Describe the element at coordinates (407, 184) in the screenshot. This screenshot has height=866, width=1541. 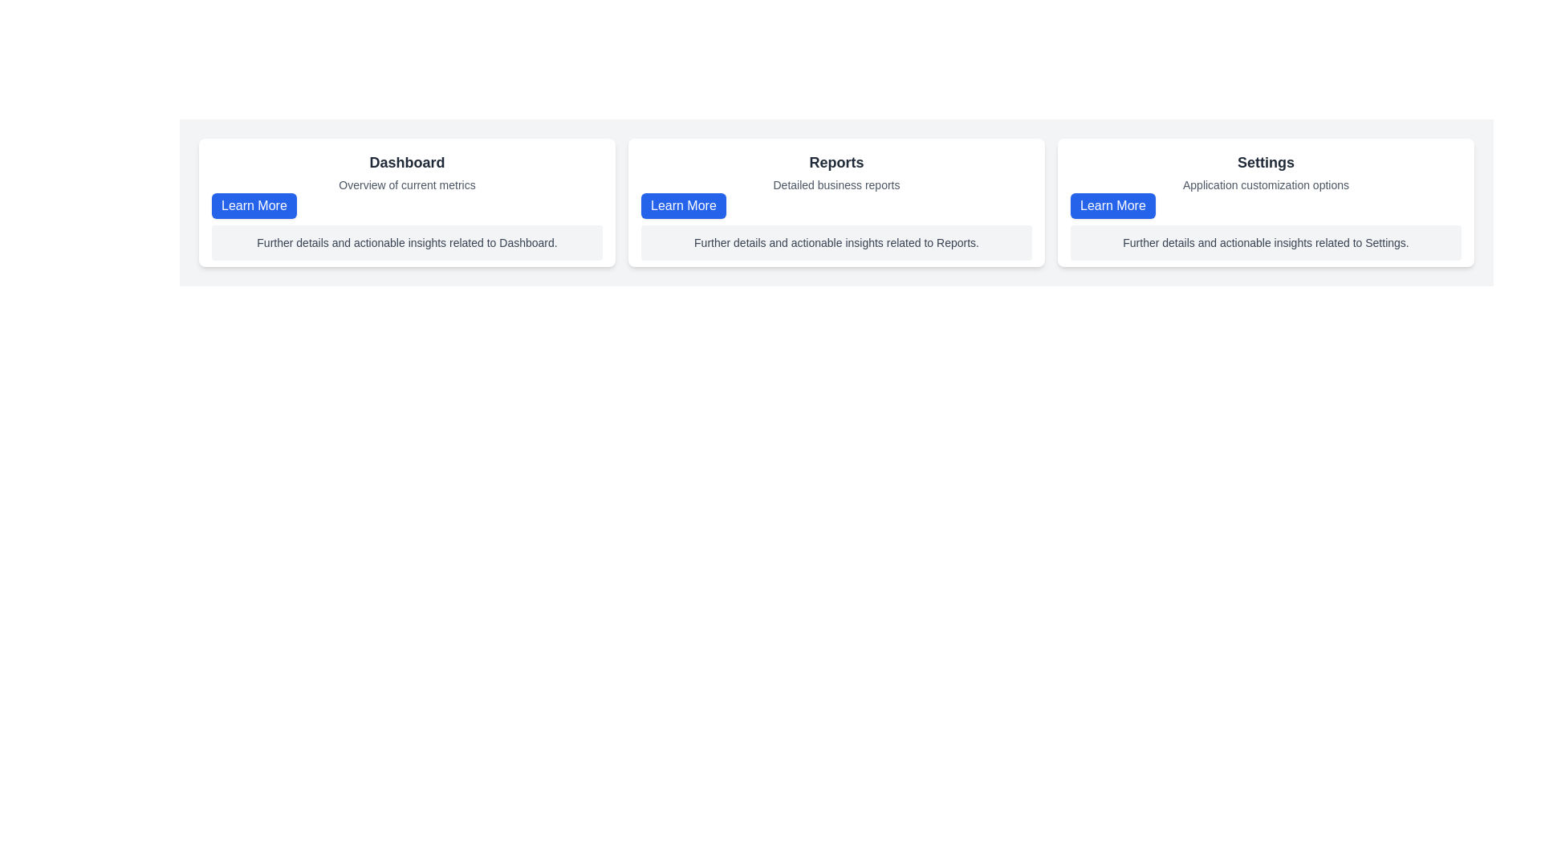
I see `the static text label displaying 'Overview of current metrics', which is positioned below the 'Dashboard' header in the central section of the interface` at that location.